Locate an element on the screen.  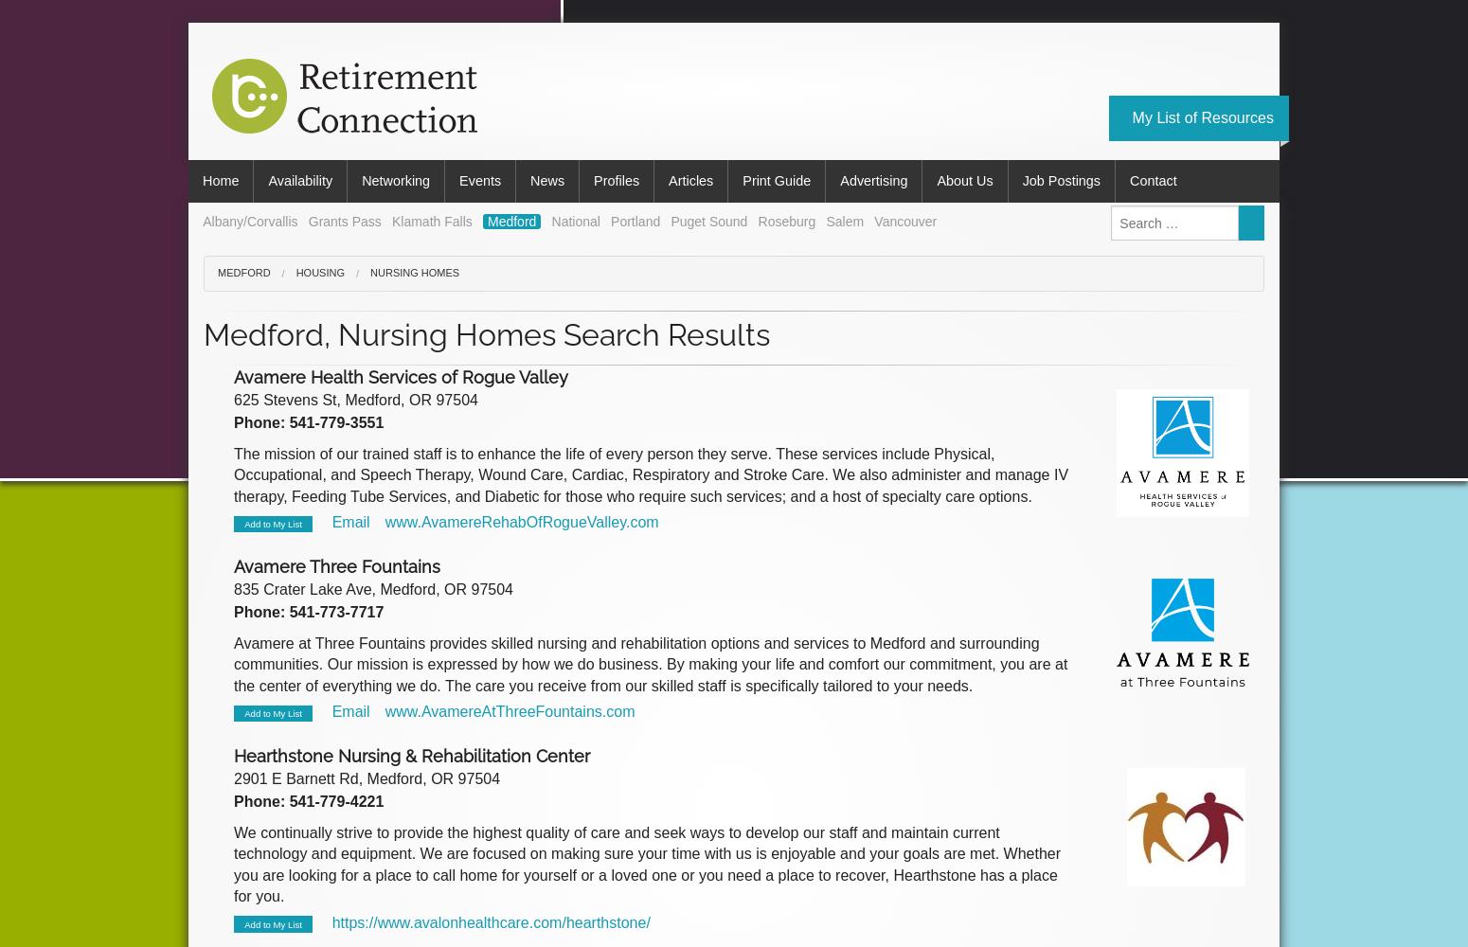
'Phone: 541-779-3551' is located at coordinates (307, 421).